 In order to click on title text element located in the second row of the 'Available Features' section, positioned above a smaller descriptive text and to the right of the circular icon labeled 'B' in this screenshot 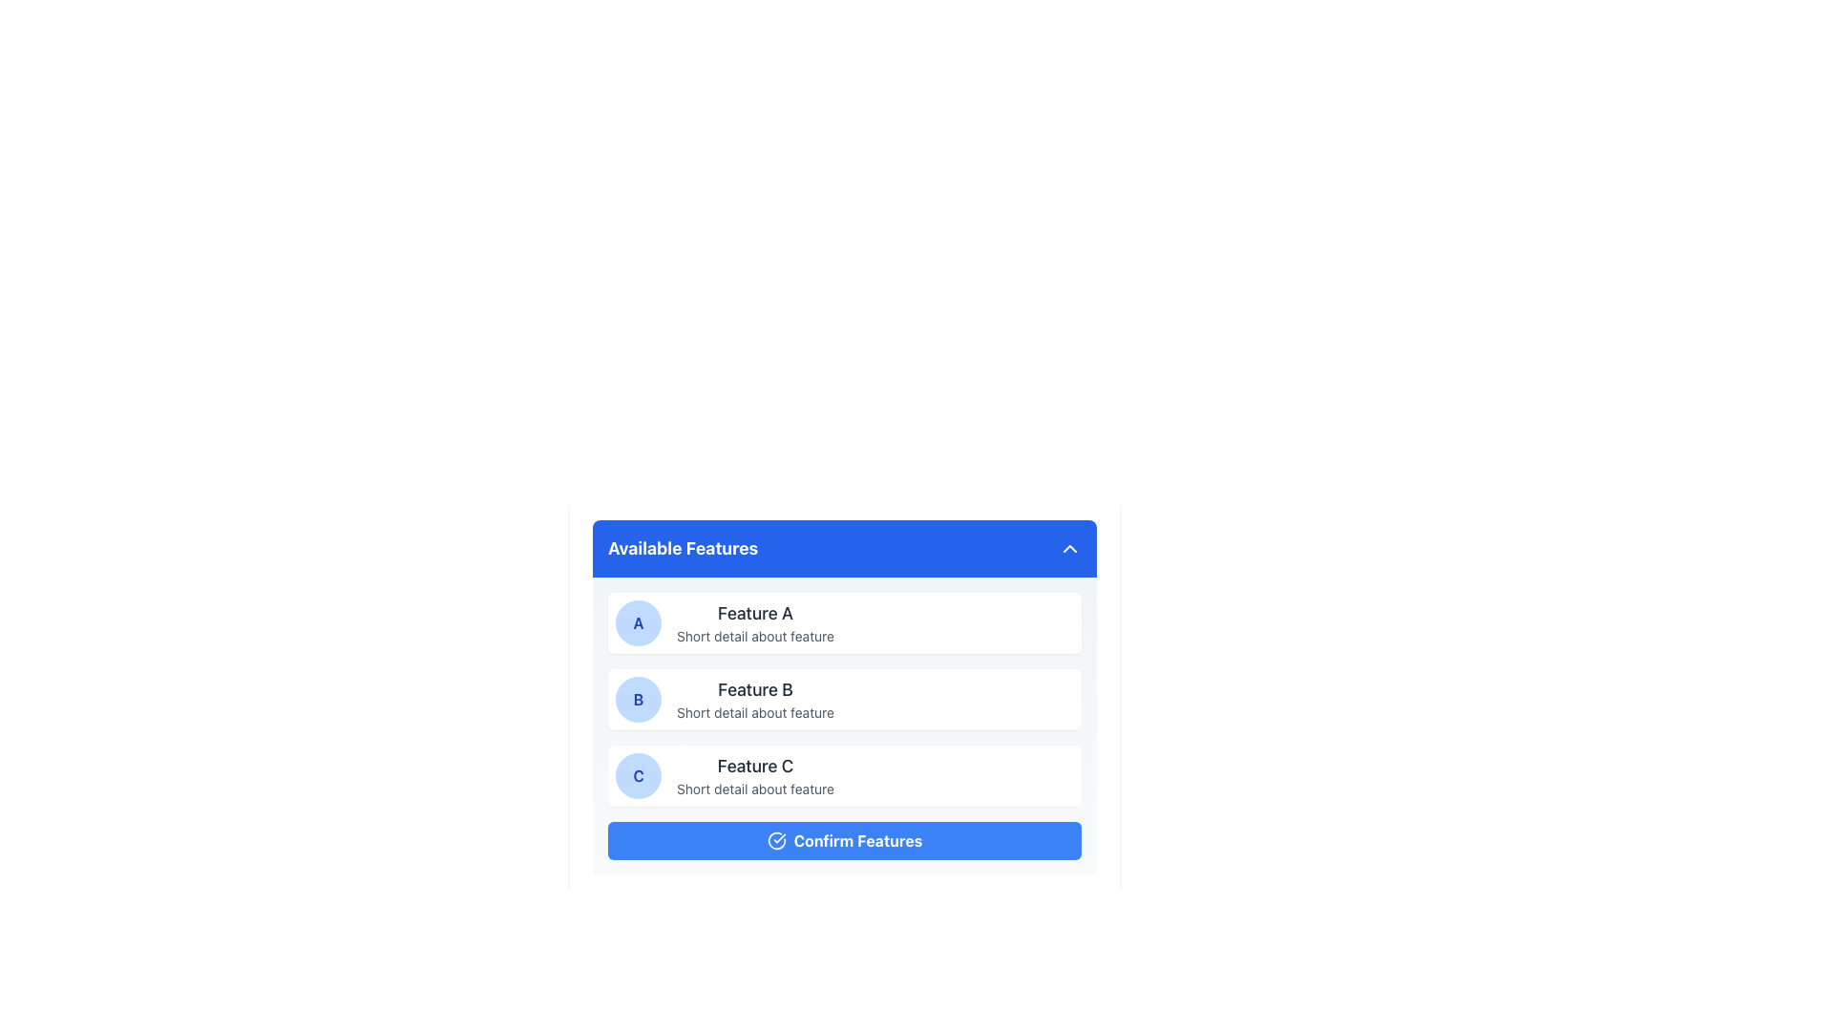, I will do `click(754, 689)`.